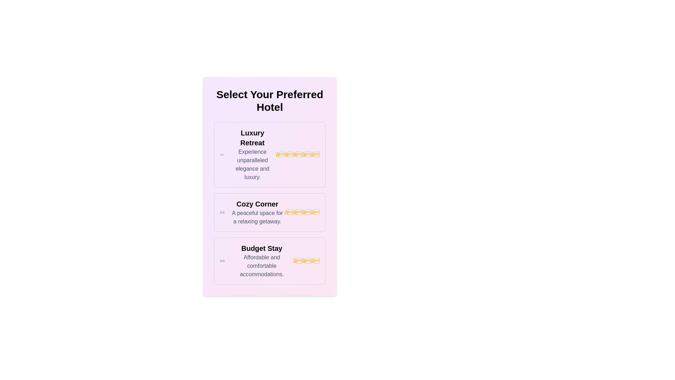  Describe the element at coordinates (269, 101) in the screenshot. I see `heading that displays 'Select Your Preferred Hotel' which is a large, bold text centered at the top of its card layout` at that location.